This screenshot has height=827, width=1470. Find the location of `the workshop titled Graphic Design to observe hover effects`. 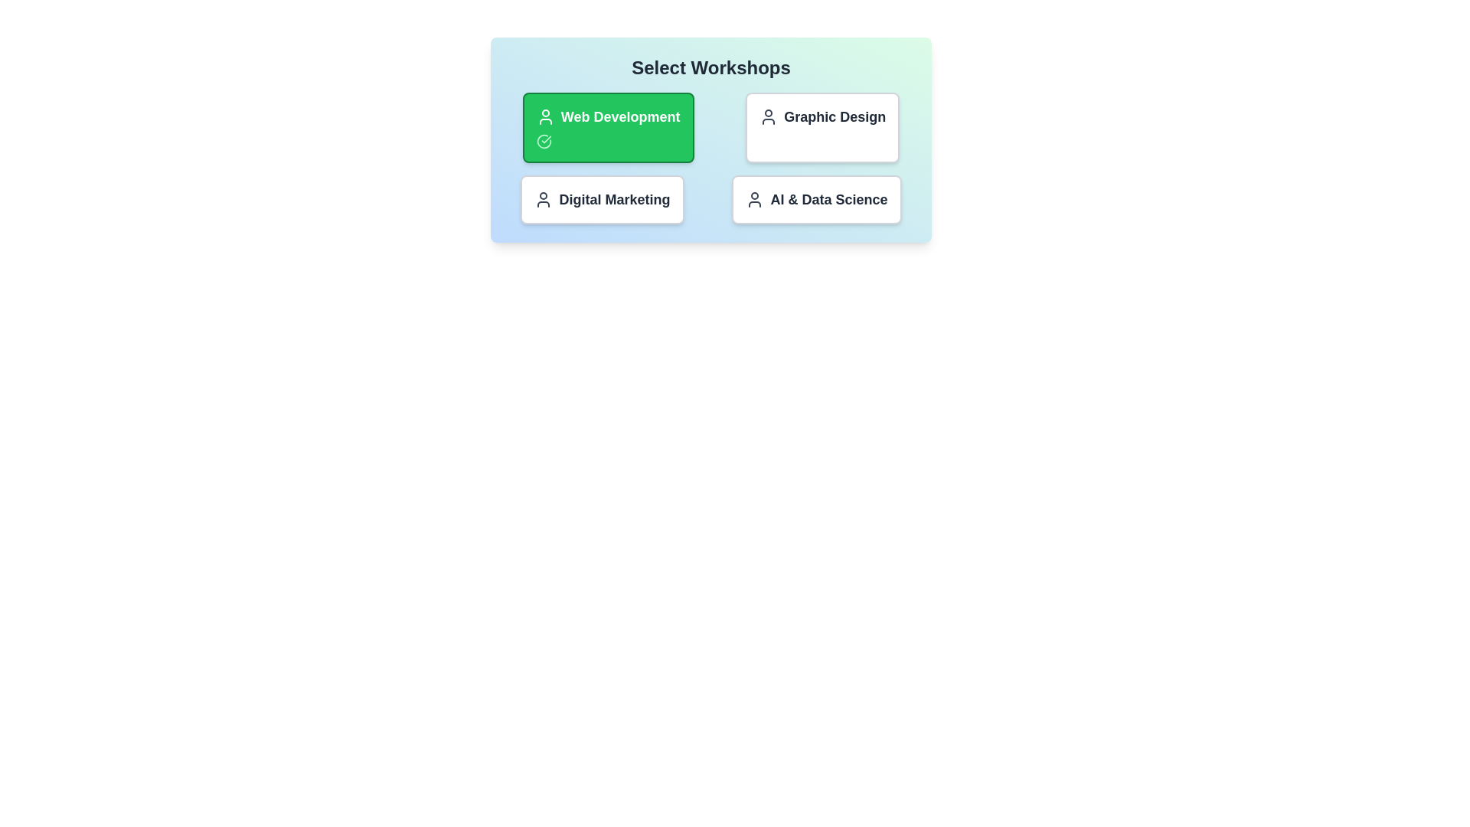

the workshop titled Graphic Design to observe hover effects is located at coordinates (822, 126).